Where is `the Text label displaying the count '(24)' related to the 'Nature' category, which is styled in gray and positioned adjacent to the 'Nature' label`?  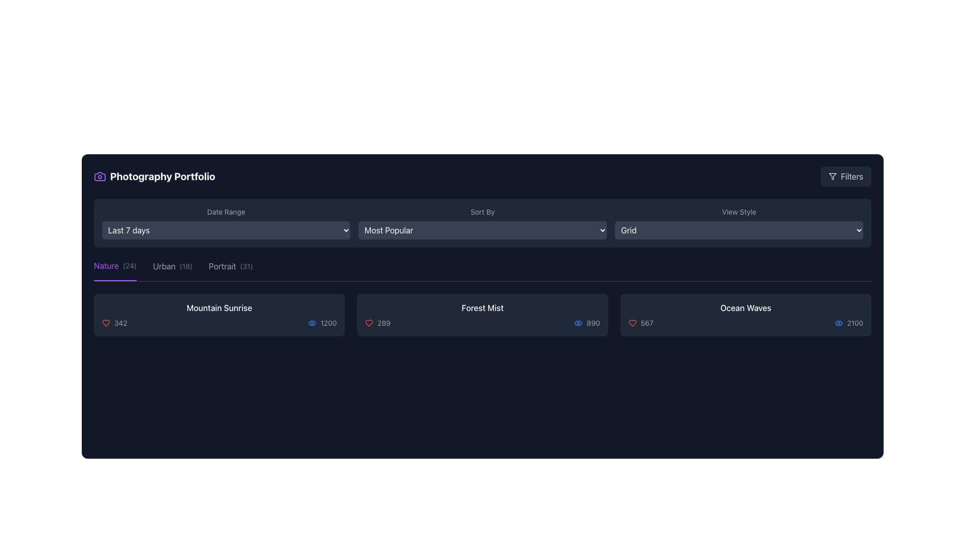
the Text label displaying the count '(24)' related to the 'Nature' category, which is styled in gray and positioned adjacent to the 'Nature' label is located at coordinates (129, 265).